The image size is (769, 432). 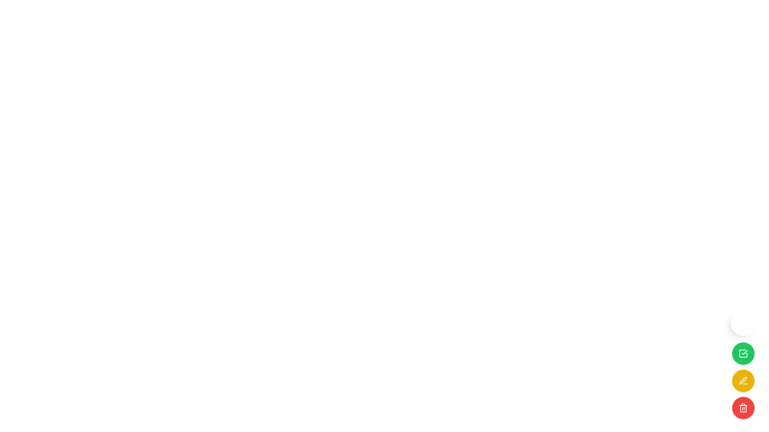 What do you see at coordinates (743, 380) in the screenshot?
I see `the circular yellow button with a pen icon, which is the middle button in a vertical stack of three buttons` at bounding box center [743, 380].